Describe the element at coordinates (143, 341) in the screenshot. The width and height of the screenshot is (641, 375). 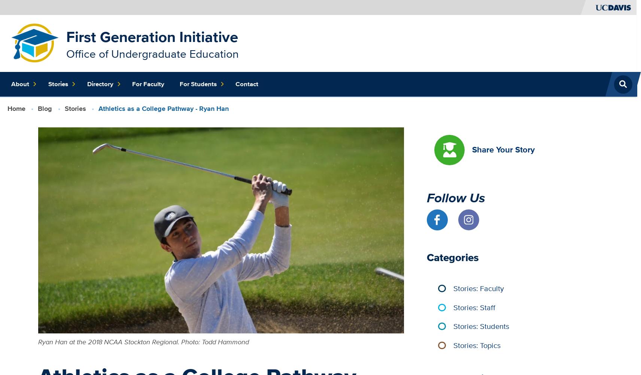
I see `'Ryan Han at the 2018 NCAA Stockton Regional. Photo: Todd Hammond'` at that location.